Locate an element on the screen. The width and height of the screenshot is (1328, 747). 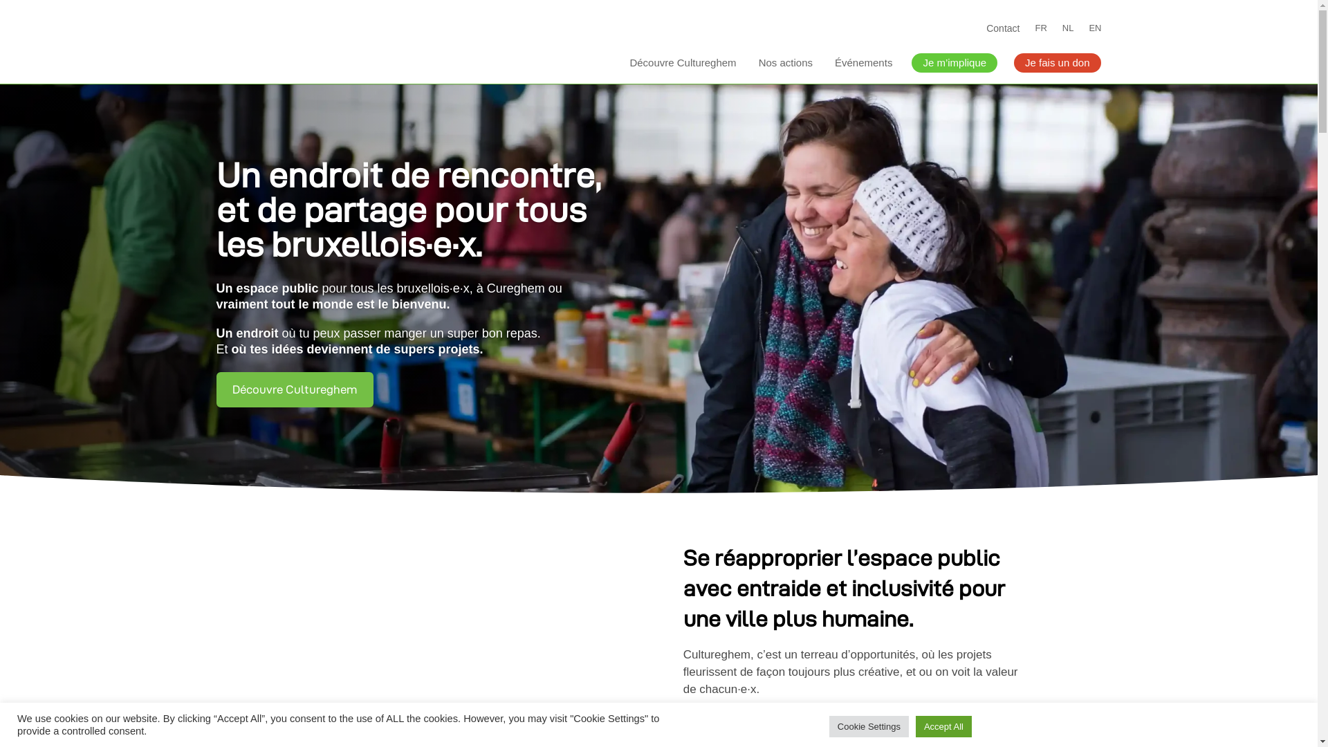
'NL' is located at coordinates (1062, 31).